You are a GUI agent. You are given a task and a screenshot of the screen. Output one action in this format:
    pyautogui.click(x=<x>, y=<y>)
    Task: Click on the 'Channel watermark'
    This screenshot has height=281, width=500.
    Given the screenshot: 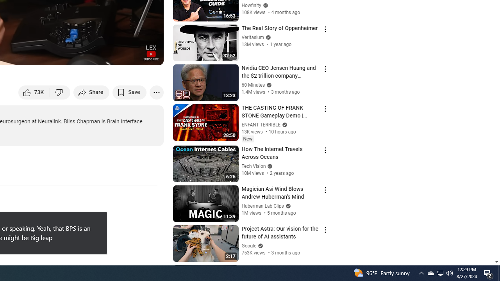 What is the action you would take?
    pyautogui.click(x=151, y=53)
    